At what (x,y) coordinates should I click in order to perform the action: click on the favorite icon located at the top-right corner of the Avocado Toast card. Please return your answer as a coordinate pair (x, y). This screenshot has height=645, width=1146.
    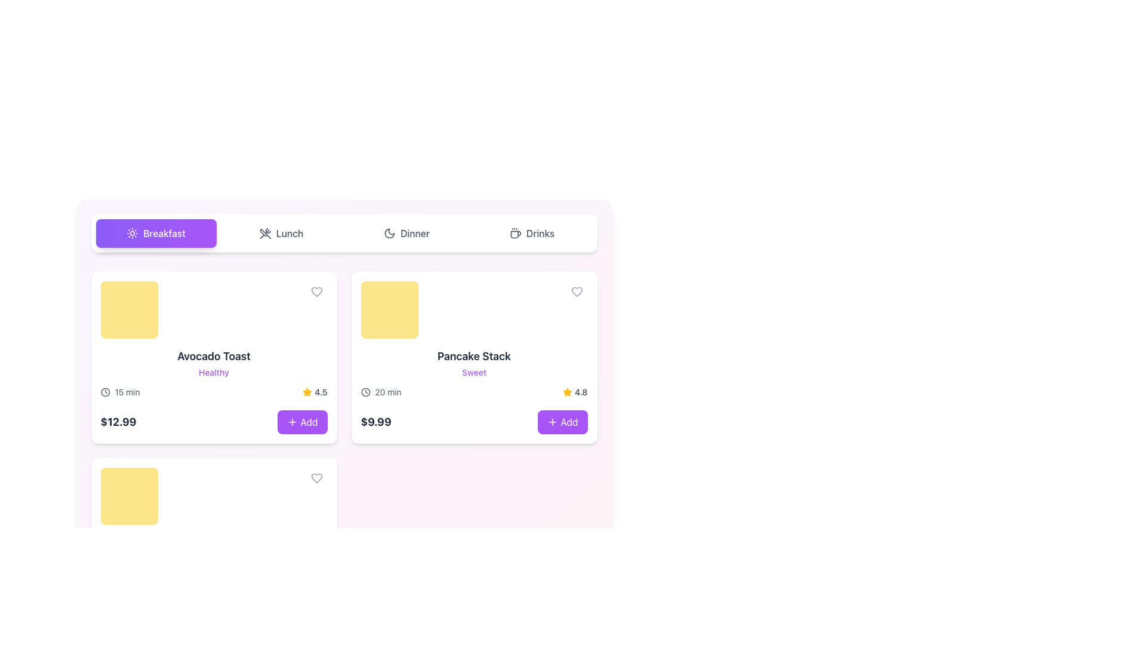
    Looking at the image, I should click on (316, 478).